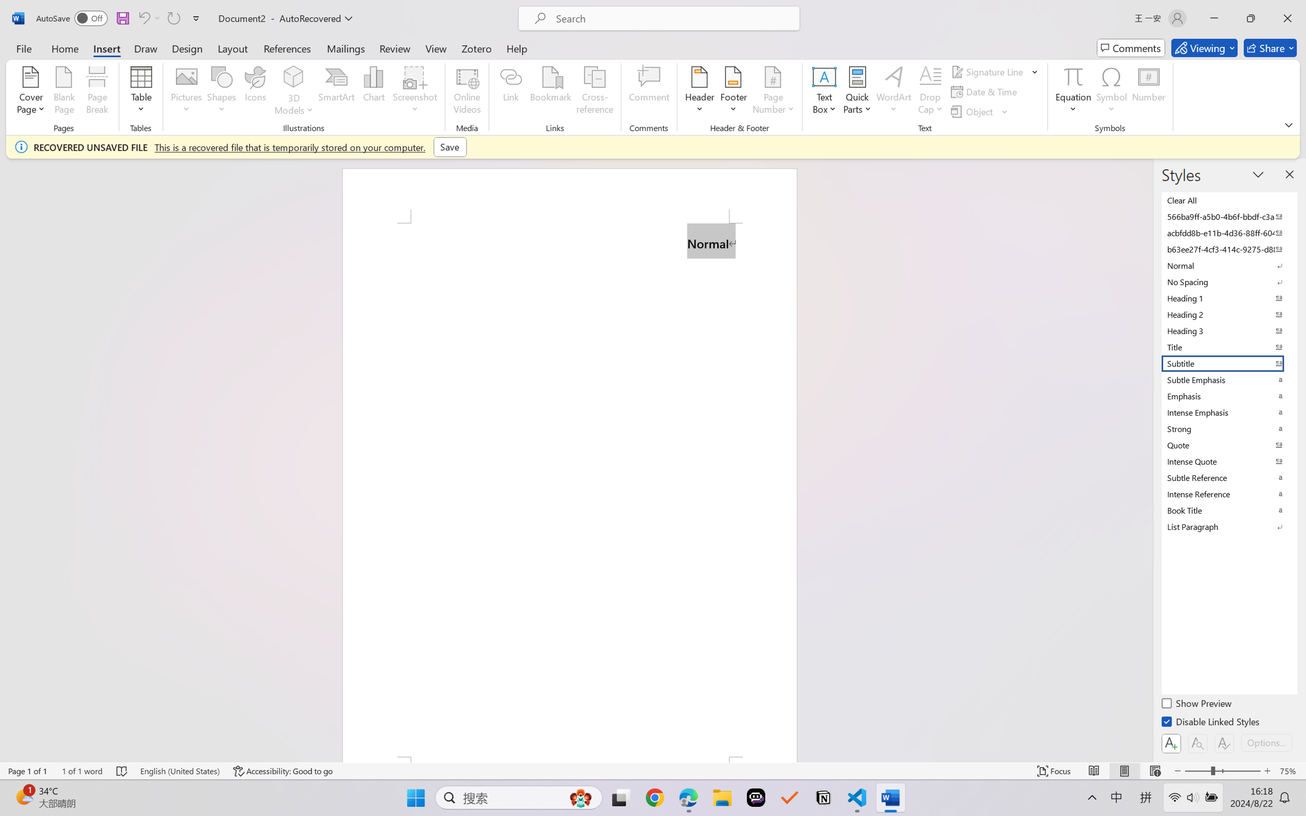  Describe the element at coordinates (773, 92) in the screenshot. I see `'Page Number'` at that location.